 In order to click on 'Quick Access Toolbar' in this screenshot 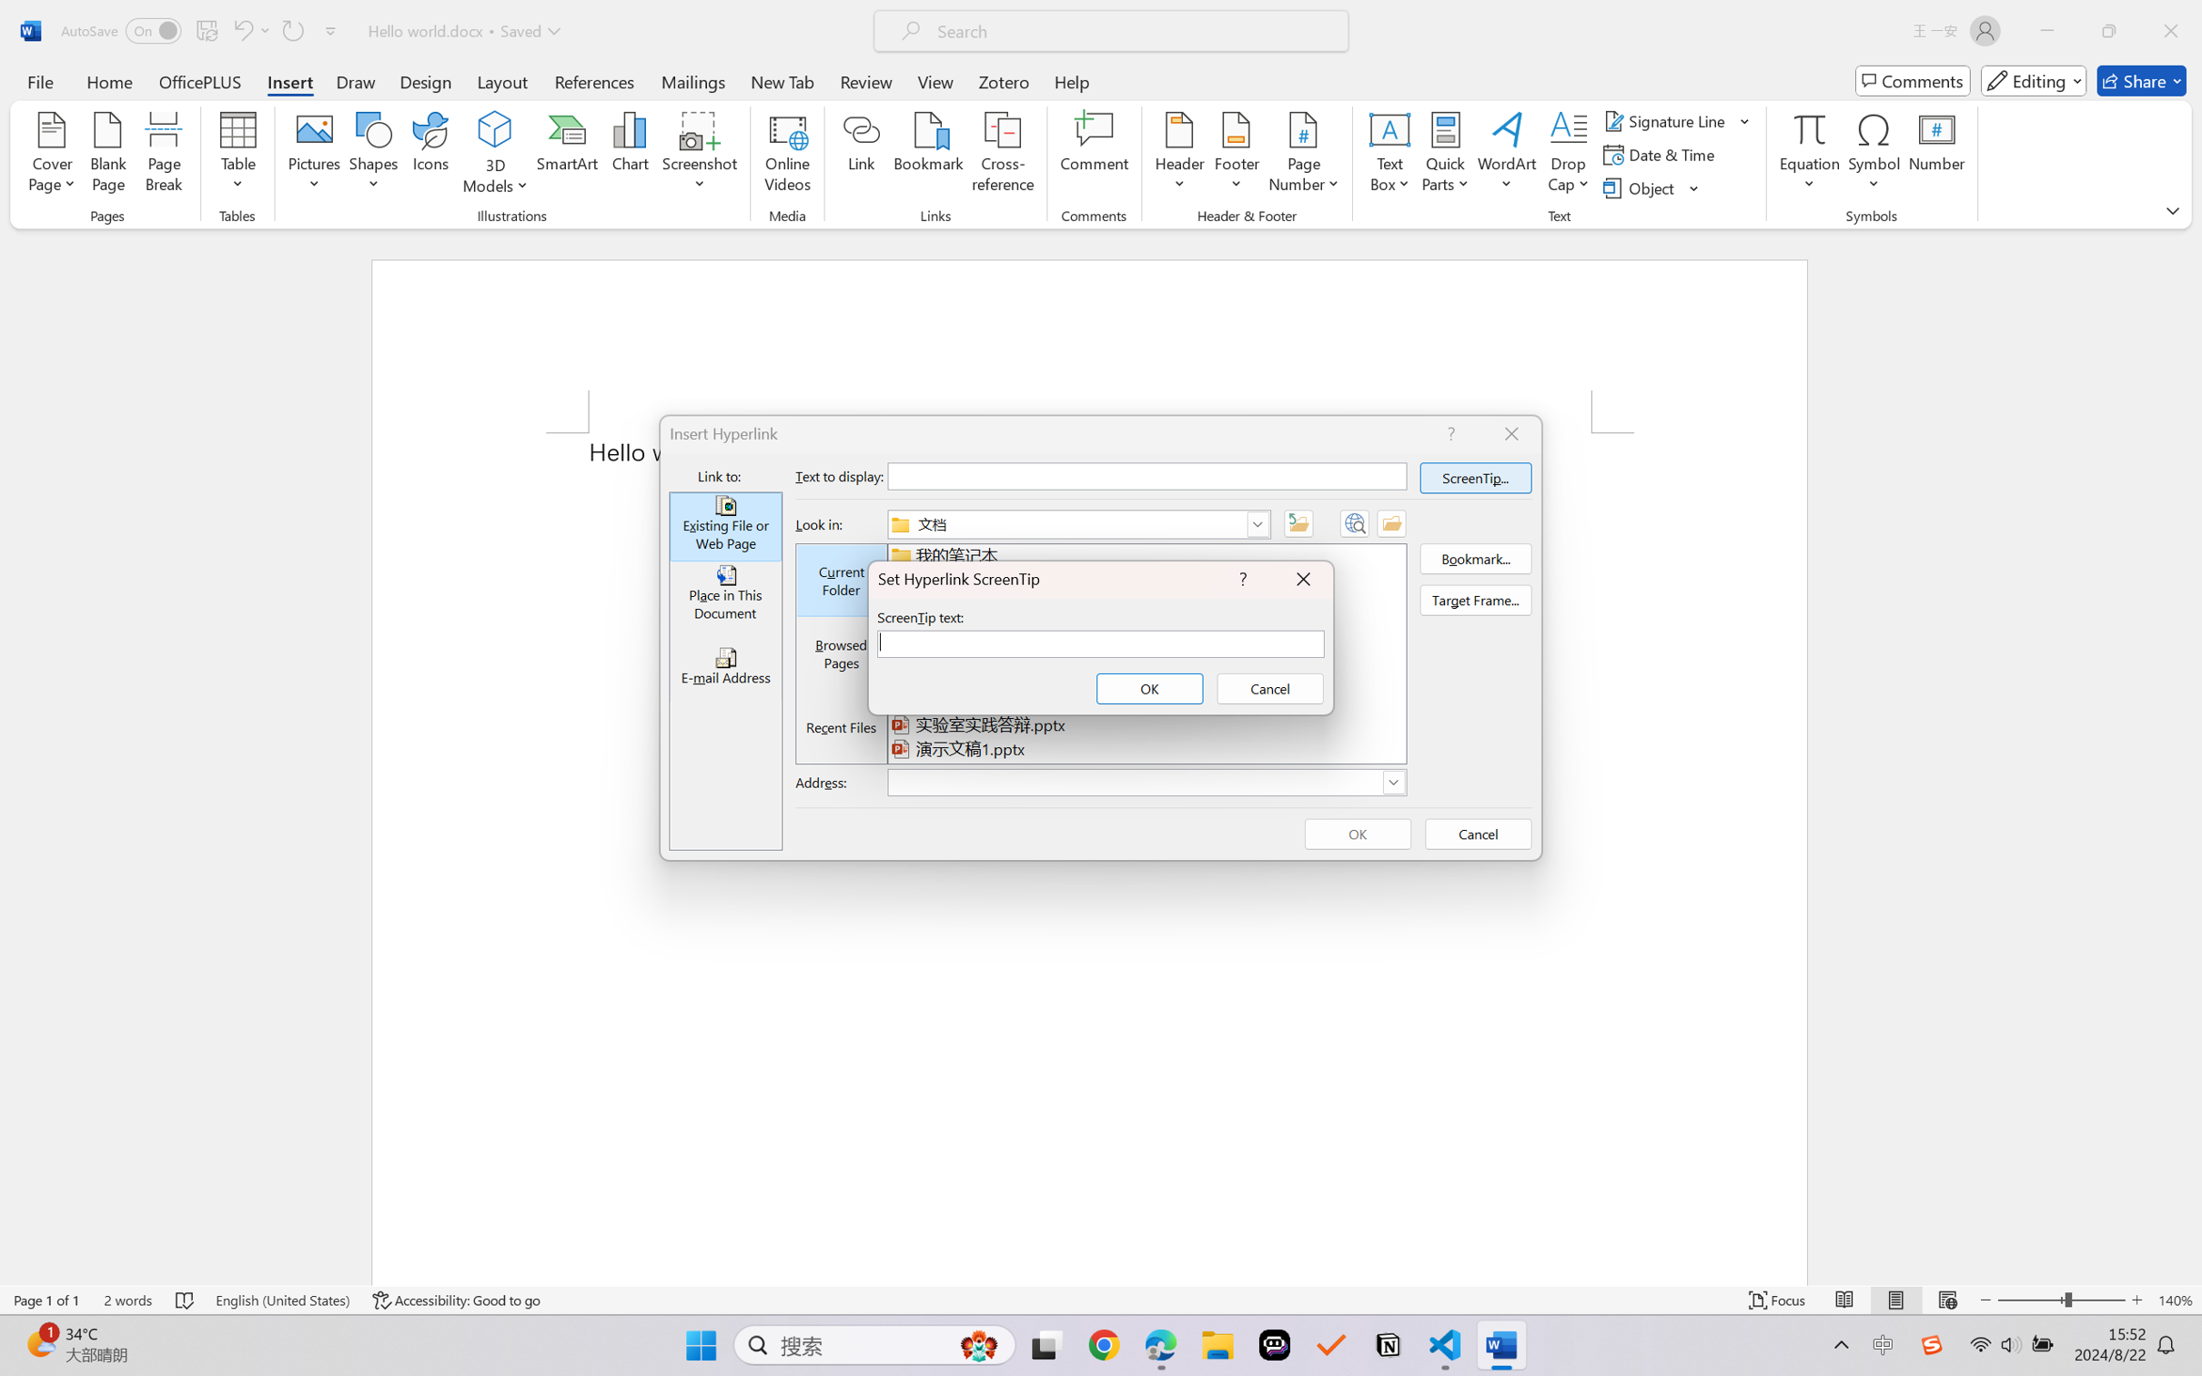, I will do `click(202, 30)`.